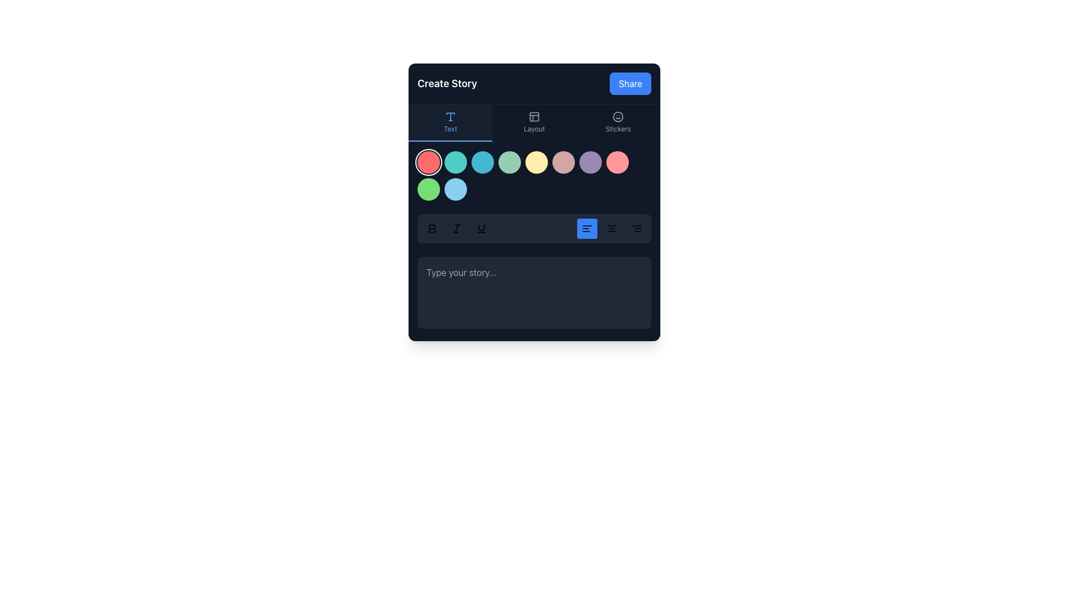 This screenshot has width=1079, height=607. Describe the element at coordinates (450, 123) in the screenshot. I see `the button with a blue 'T' icon and the label 'Text' located in the top-left section of the menu bar` at that location.